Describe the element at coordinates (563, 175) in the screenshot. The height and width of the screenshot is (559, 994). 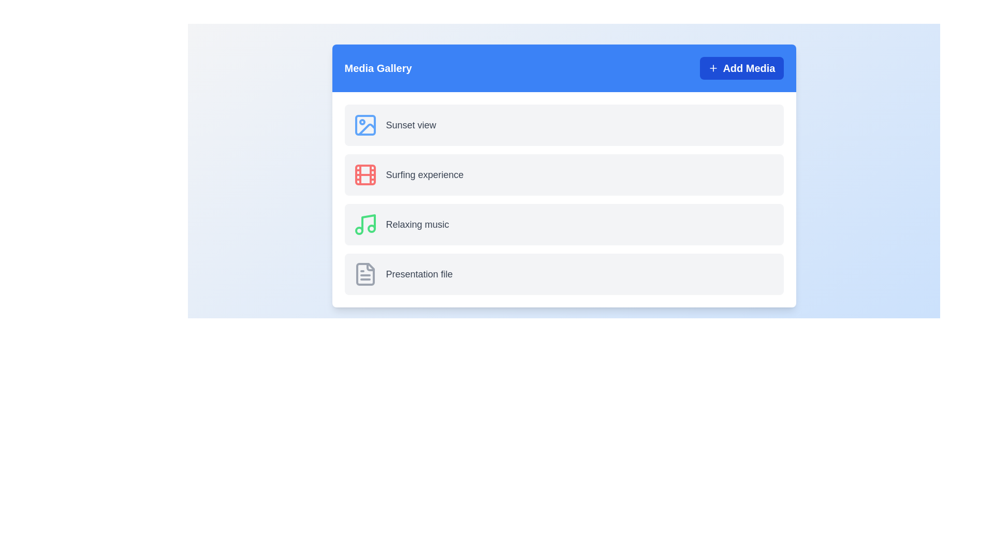
I see `the second list entry related to 'Surfing experience'` at that location.